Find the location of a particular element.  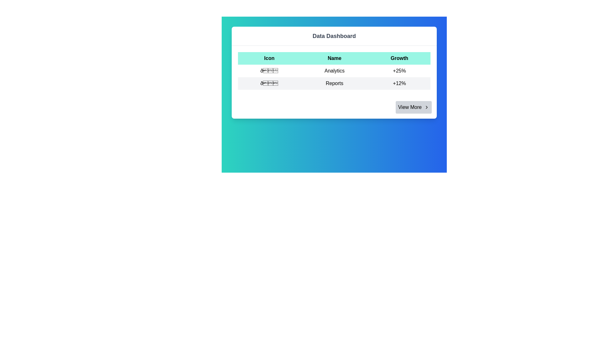

the table header row in the 'Data Dashboard' content card to interact with the labels is located at coordinates (334, 58).